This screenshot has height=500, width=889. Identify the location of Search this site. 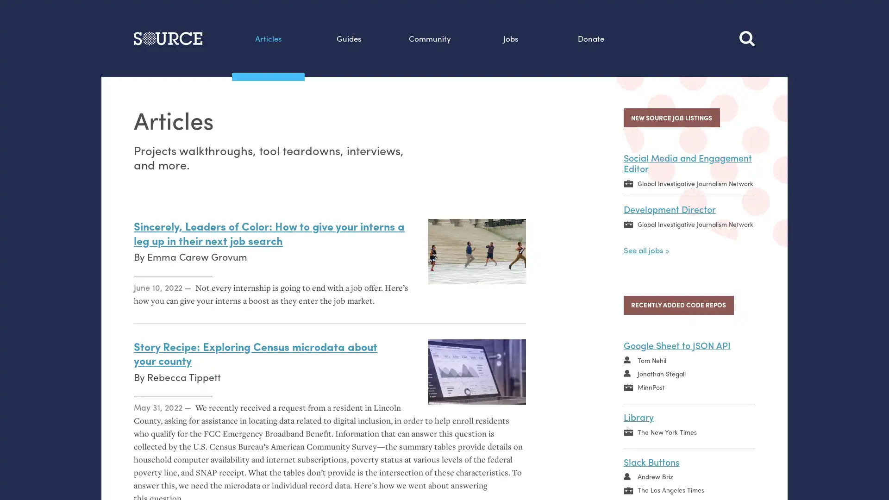
(101, 76).